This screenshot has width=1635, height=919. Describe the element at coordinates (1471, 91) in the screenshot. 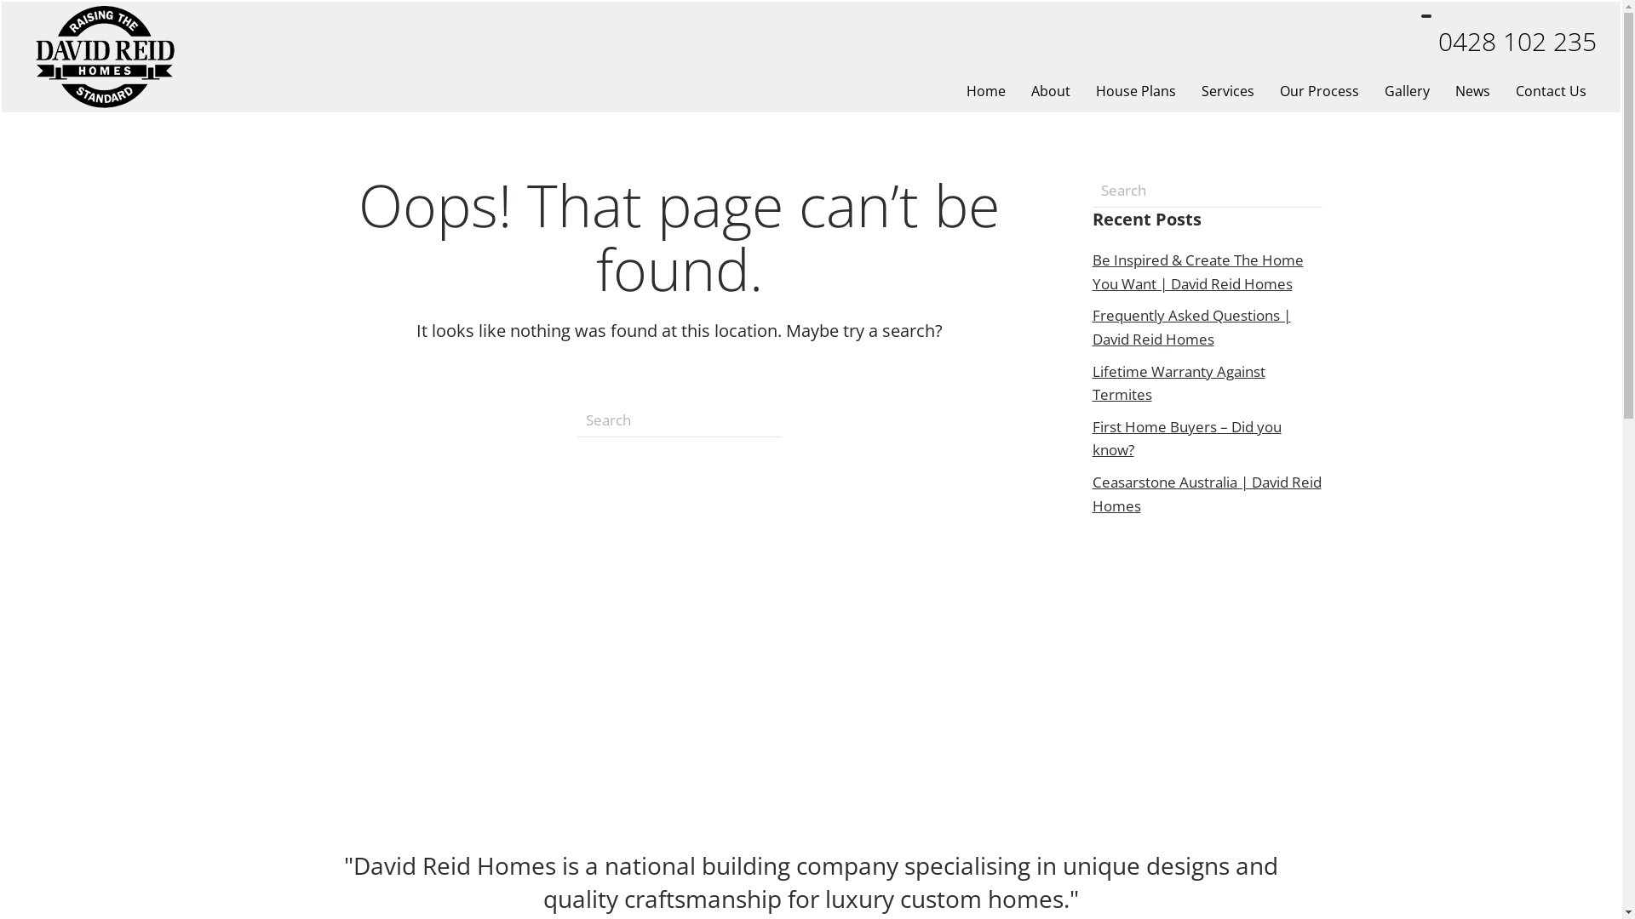

I see `'News'` at that location.